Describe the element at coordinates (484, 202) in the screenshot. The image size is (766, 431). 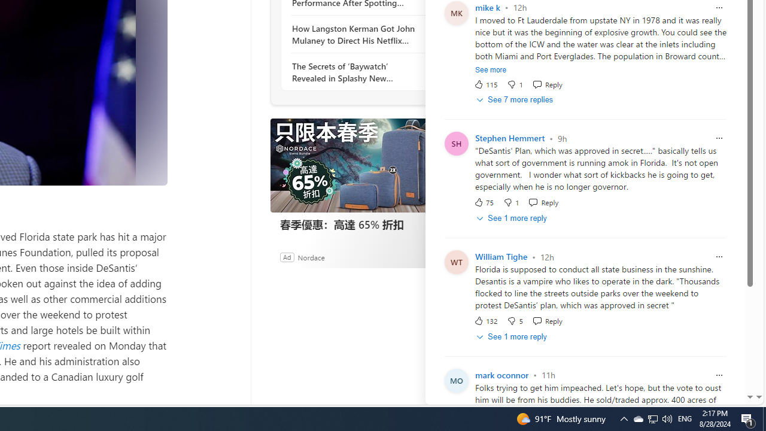
I see `'75 Like'` at that location.